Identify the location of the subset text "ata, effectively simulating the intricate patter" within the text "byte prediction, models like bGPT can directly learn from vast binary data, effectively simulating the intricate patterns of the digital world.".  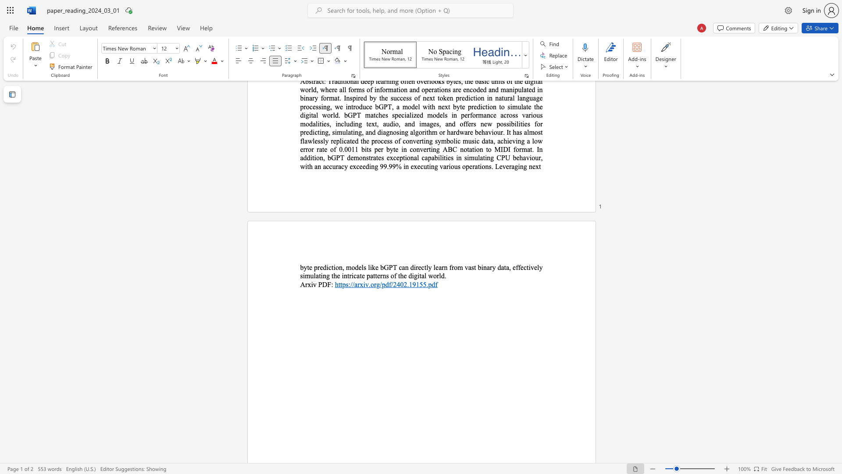
(501, 267).